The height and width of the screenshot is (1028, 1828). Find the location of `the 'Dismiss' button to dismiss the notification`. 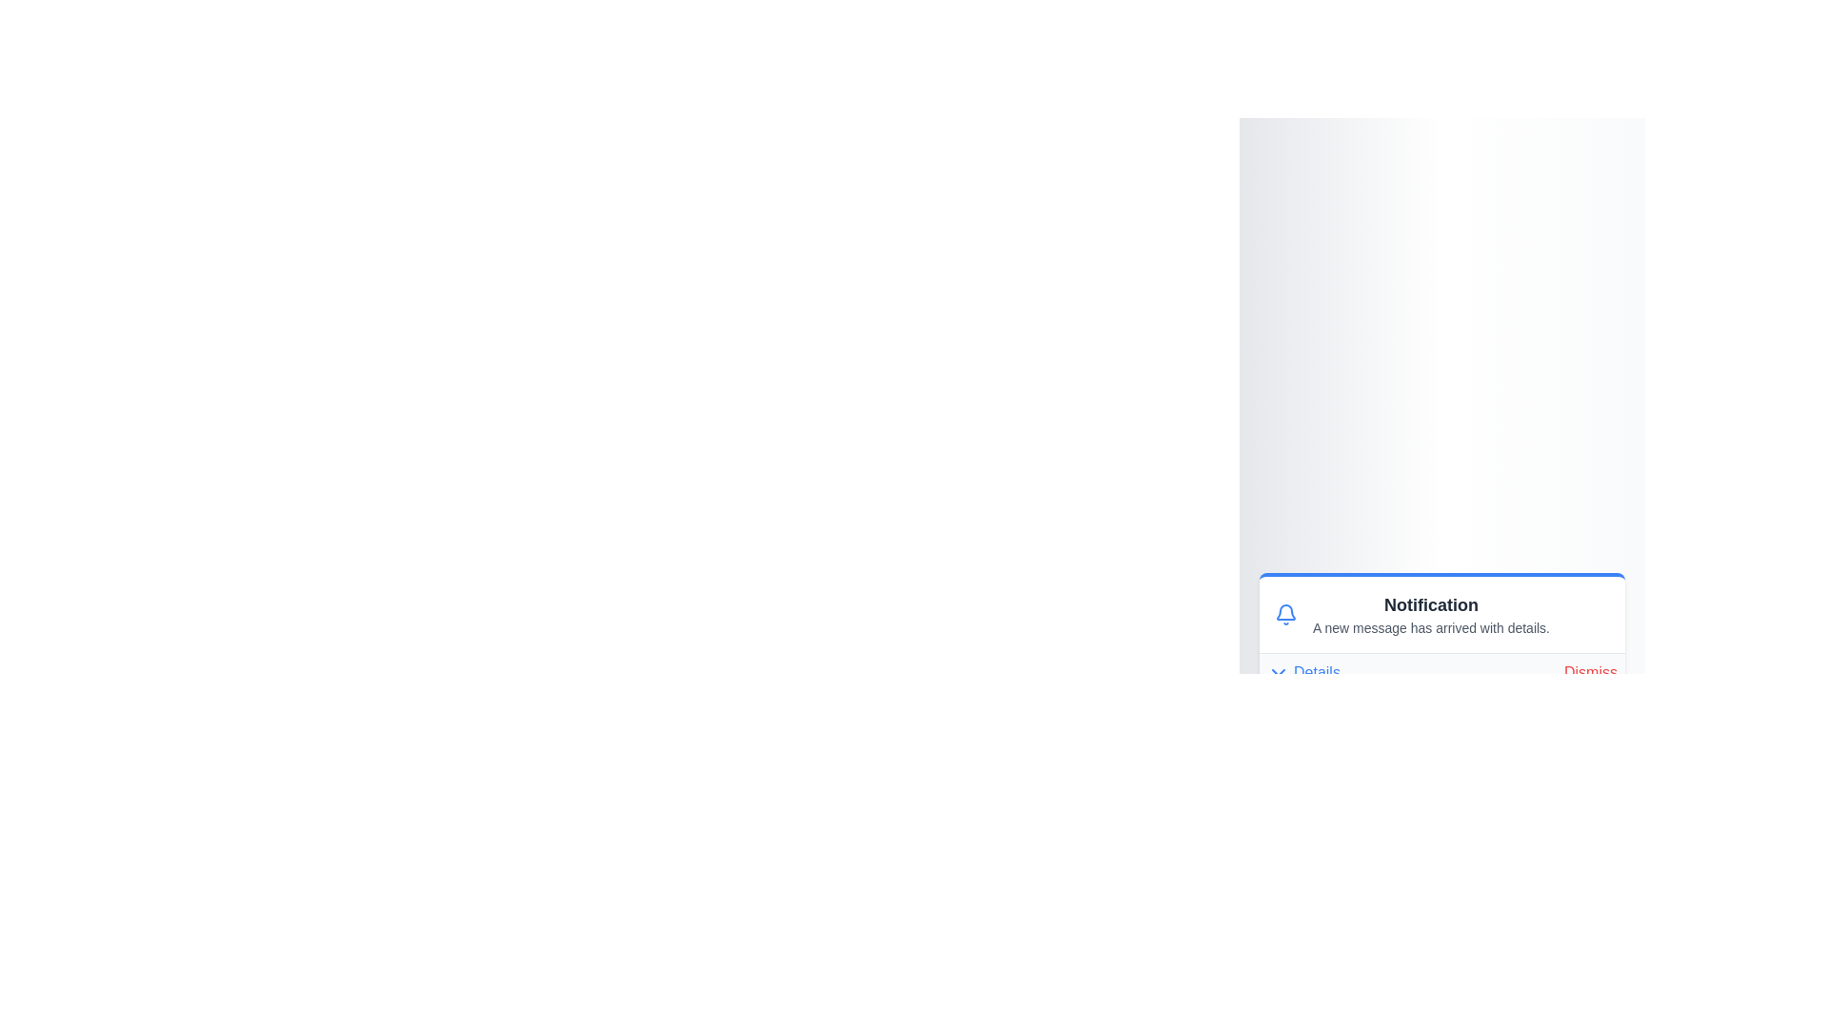

the 'Dismiss' button to dismiss the notification is located at coordinates (1590, 671).